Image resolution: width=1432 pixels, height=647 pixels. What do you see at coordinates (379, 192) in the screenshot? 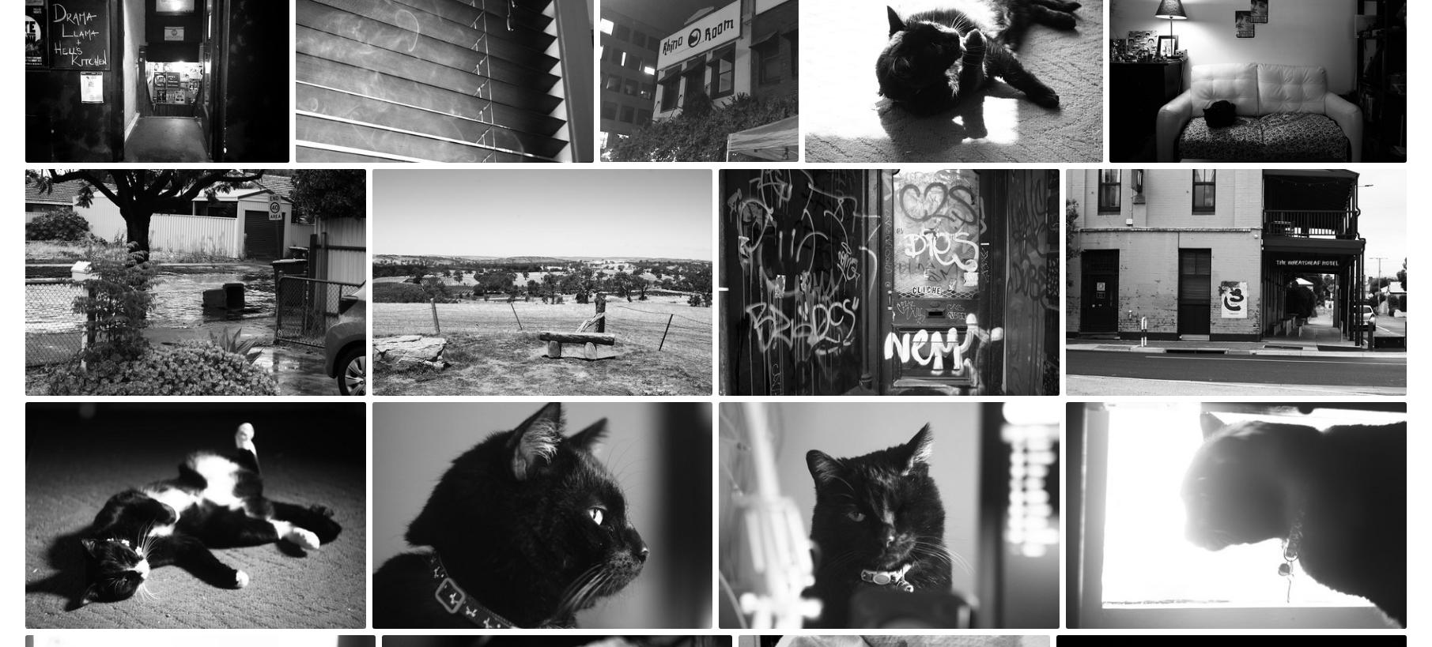
I see `'#1,640'` at bounding box center [379, 192].